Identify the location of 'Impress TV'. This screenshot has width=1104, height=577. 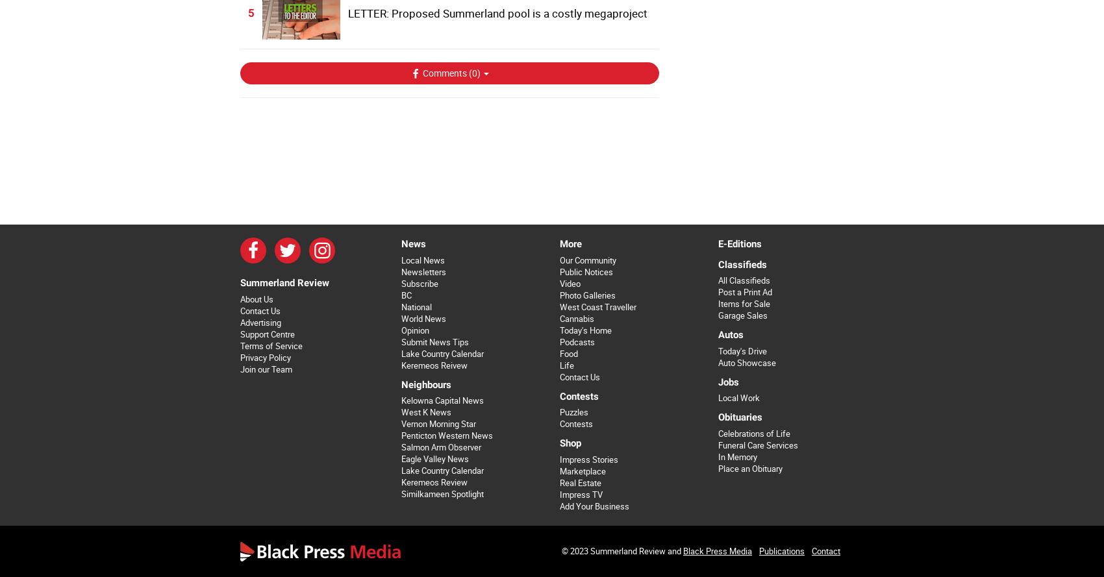
(581, 493).